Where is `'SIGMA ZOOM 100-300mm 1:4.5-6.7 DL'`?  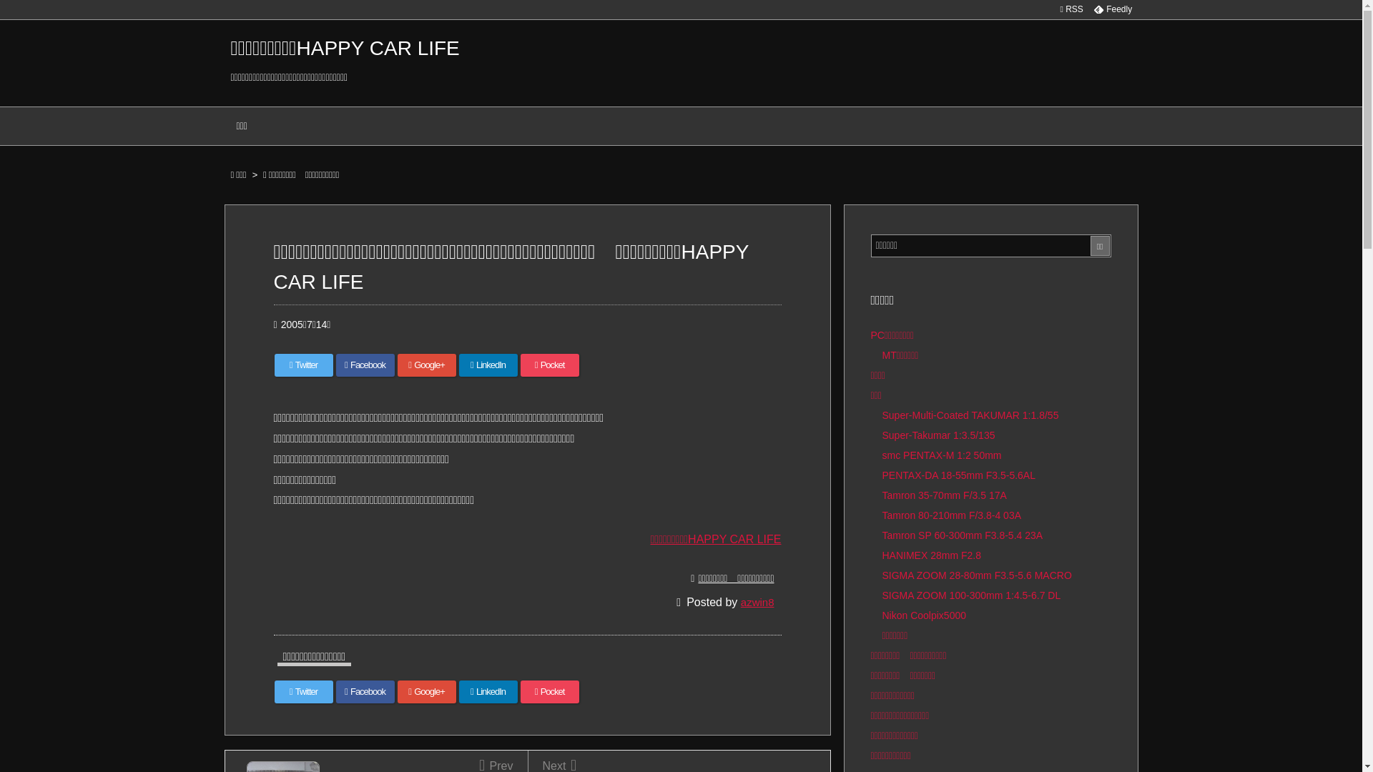
'SIGMA ZOOM 100-300mm 1:4.5-6.7 DL' is located at coordinates (971, 595).